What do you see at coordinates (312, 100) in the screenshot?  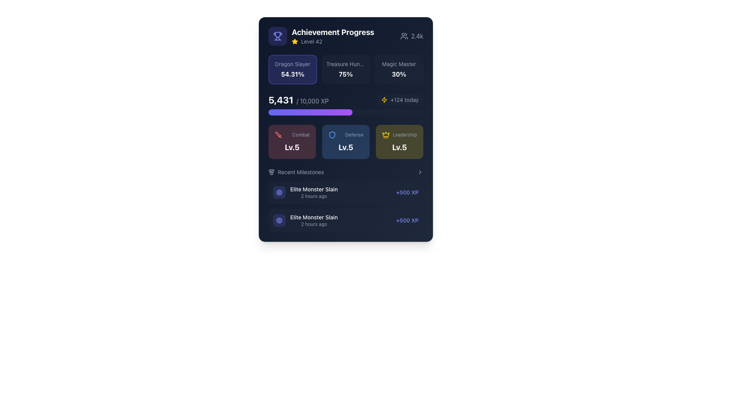 I see `the static text display showing '10,000 XP', which is located to the right of the bolded number '5,431' in the progress system interface` at bounding box center [312, 100].